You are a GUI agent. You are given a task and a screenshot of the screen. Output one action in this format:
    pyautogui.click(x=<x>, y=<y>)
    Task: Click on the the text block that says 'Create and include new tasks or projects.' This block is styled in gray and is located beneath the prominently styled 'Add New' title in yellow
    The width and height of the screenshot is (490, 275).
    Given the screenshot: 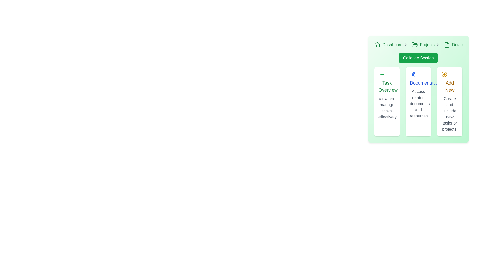 What is the action you would take?
    pyautogui.click(x=450, y=114)
    